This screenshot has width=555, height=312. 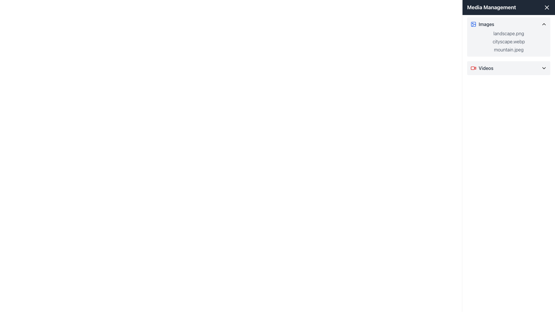 I want to click on the navigation link with an icon and text located under the 'Media Management' section, so click(x=482, y=68).